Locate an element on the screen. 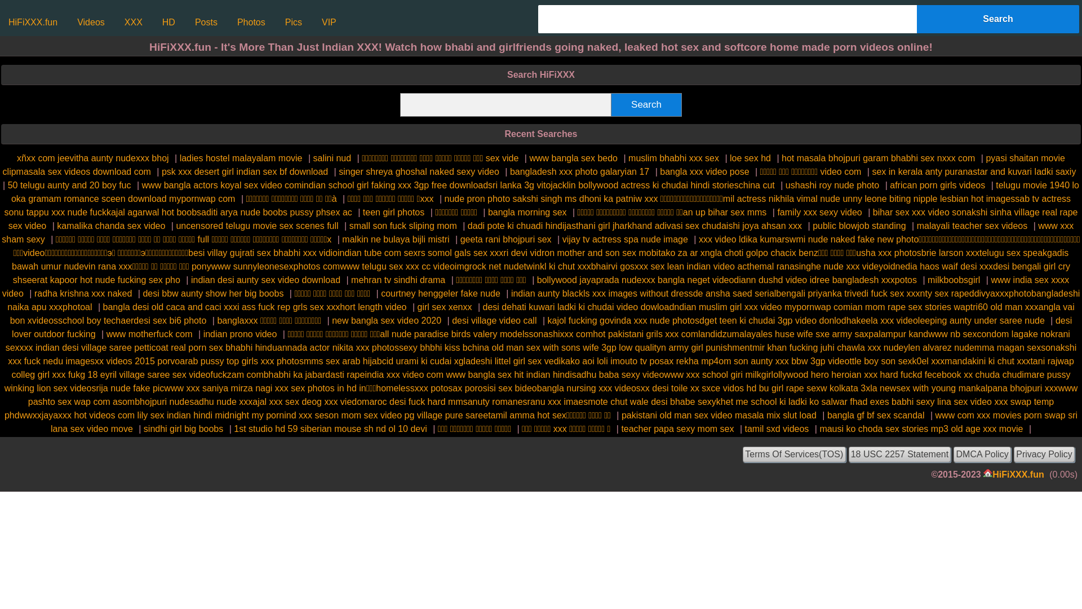  'DMCA Policy' is located at coordinates (981, 454).